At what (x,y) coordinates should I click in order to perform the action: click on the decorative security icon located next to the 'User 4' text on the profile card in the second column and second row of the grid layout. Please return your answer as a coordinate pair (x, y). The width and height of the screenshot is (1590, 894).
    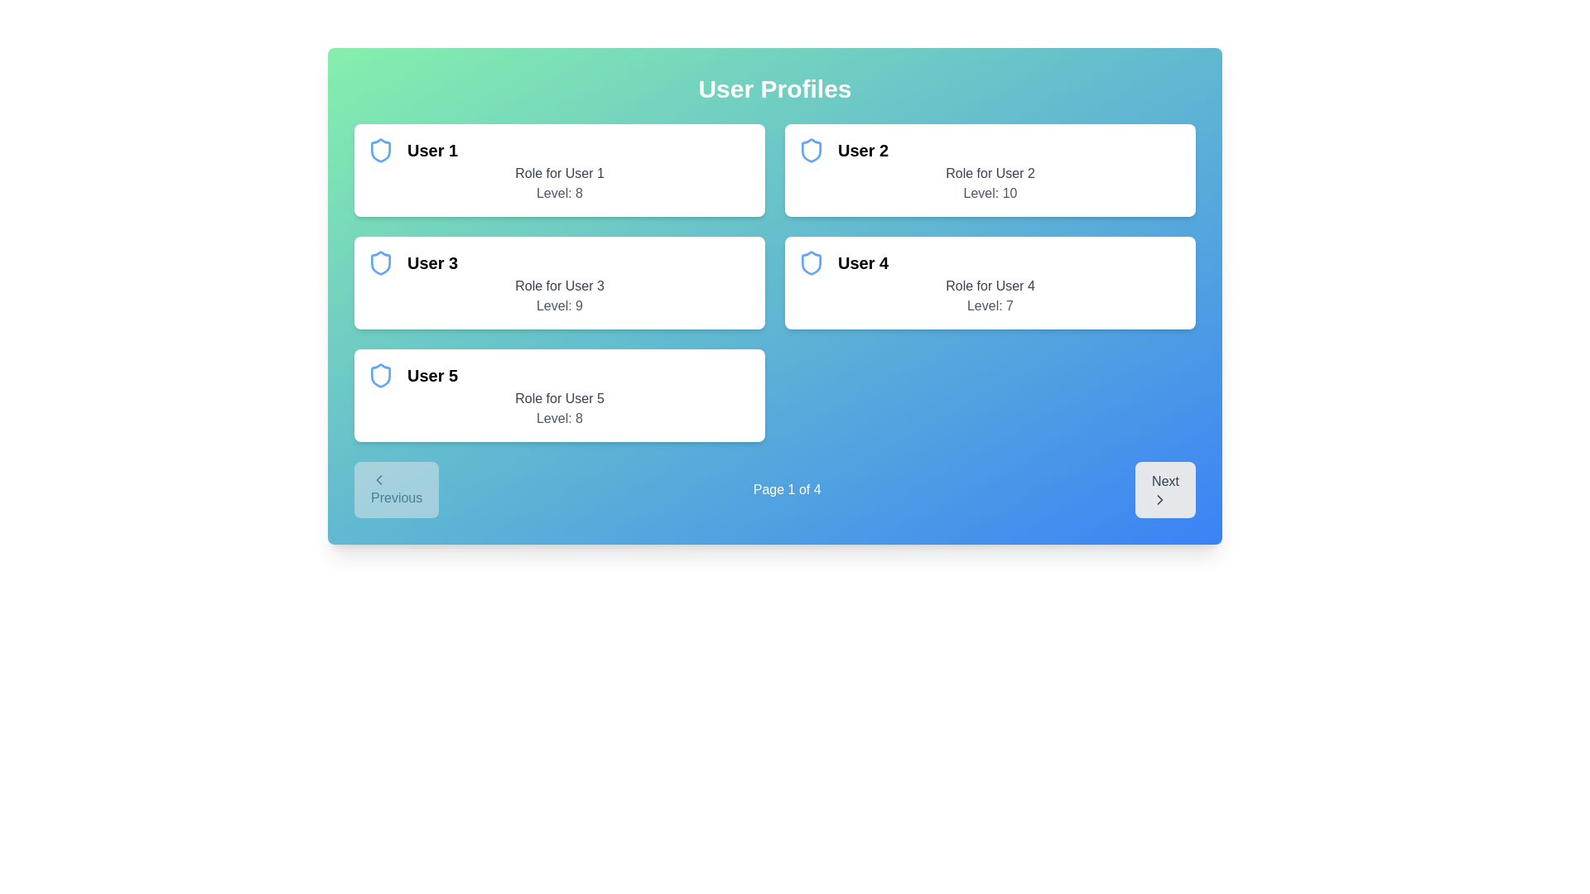
    Looking at the image, I should click on (811, 262).